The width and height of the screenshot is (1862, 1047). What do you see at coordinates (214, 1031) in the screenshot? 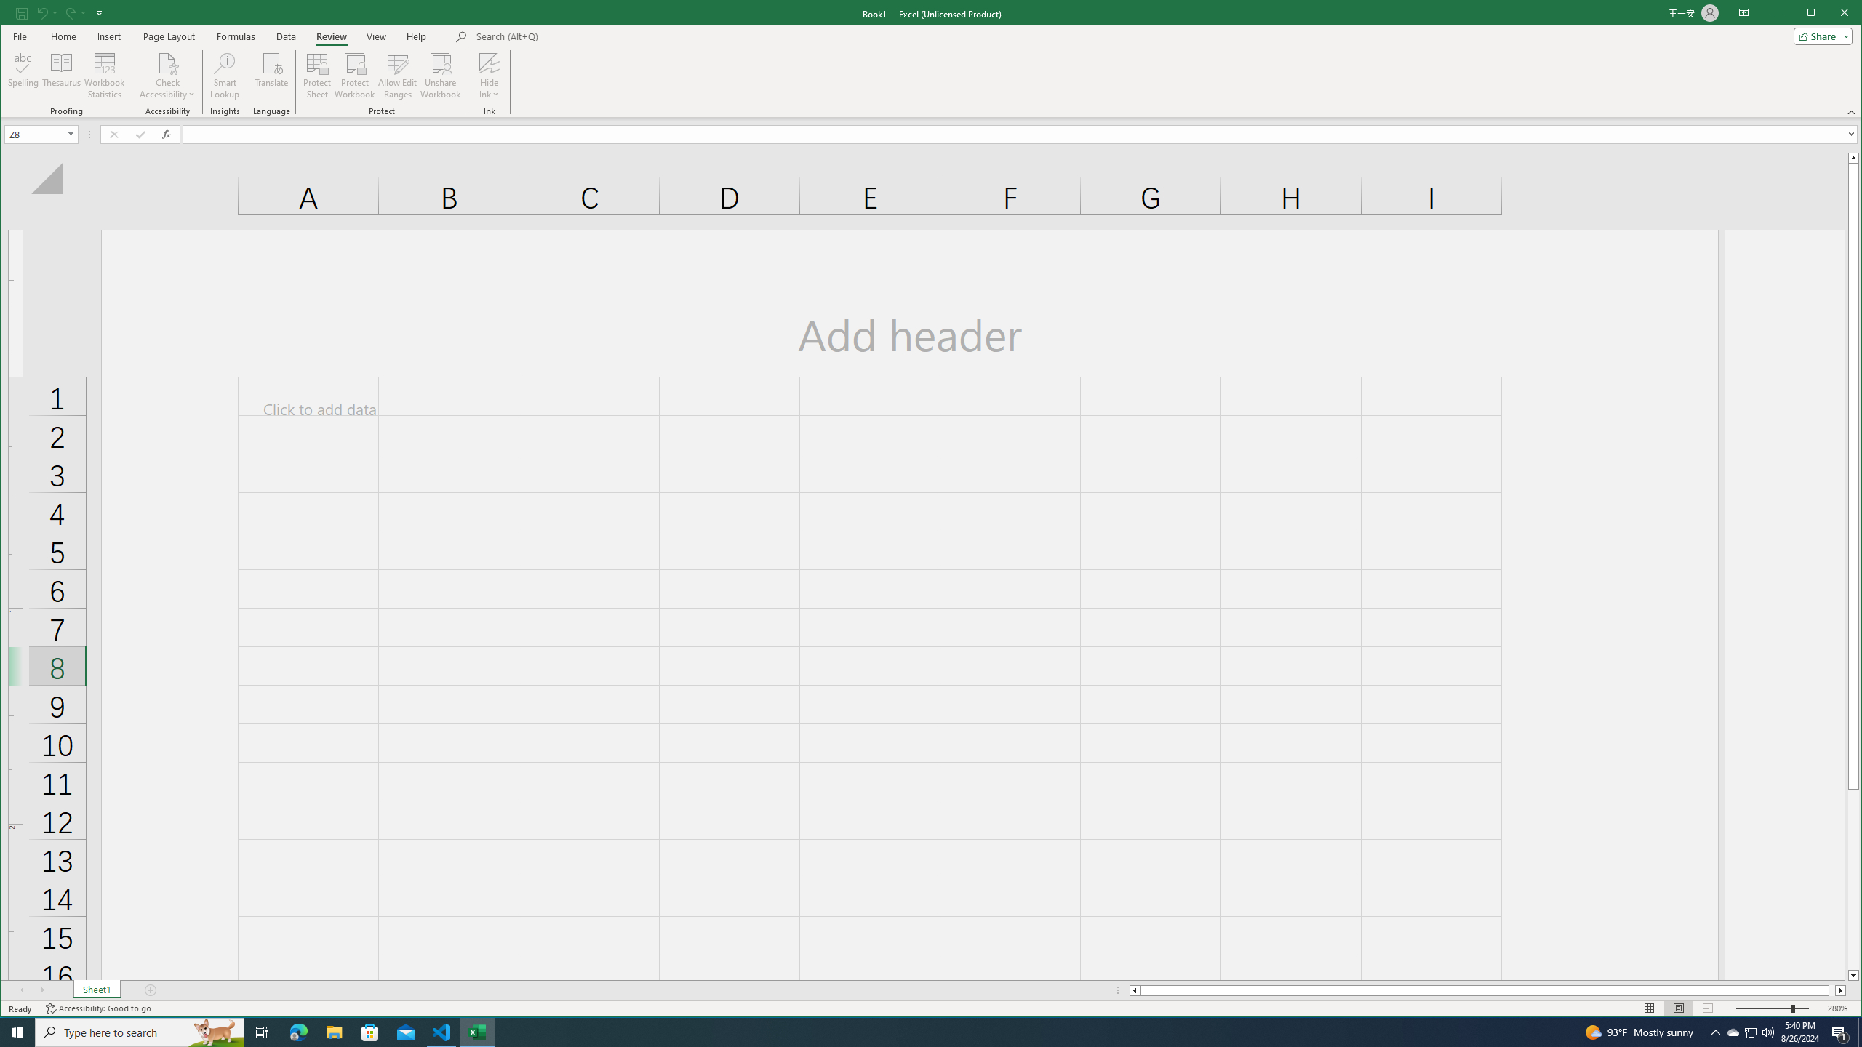
I see `'Search highlights icon opens search home window'` at bounding box center [214, 1031].